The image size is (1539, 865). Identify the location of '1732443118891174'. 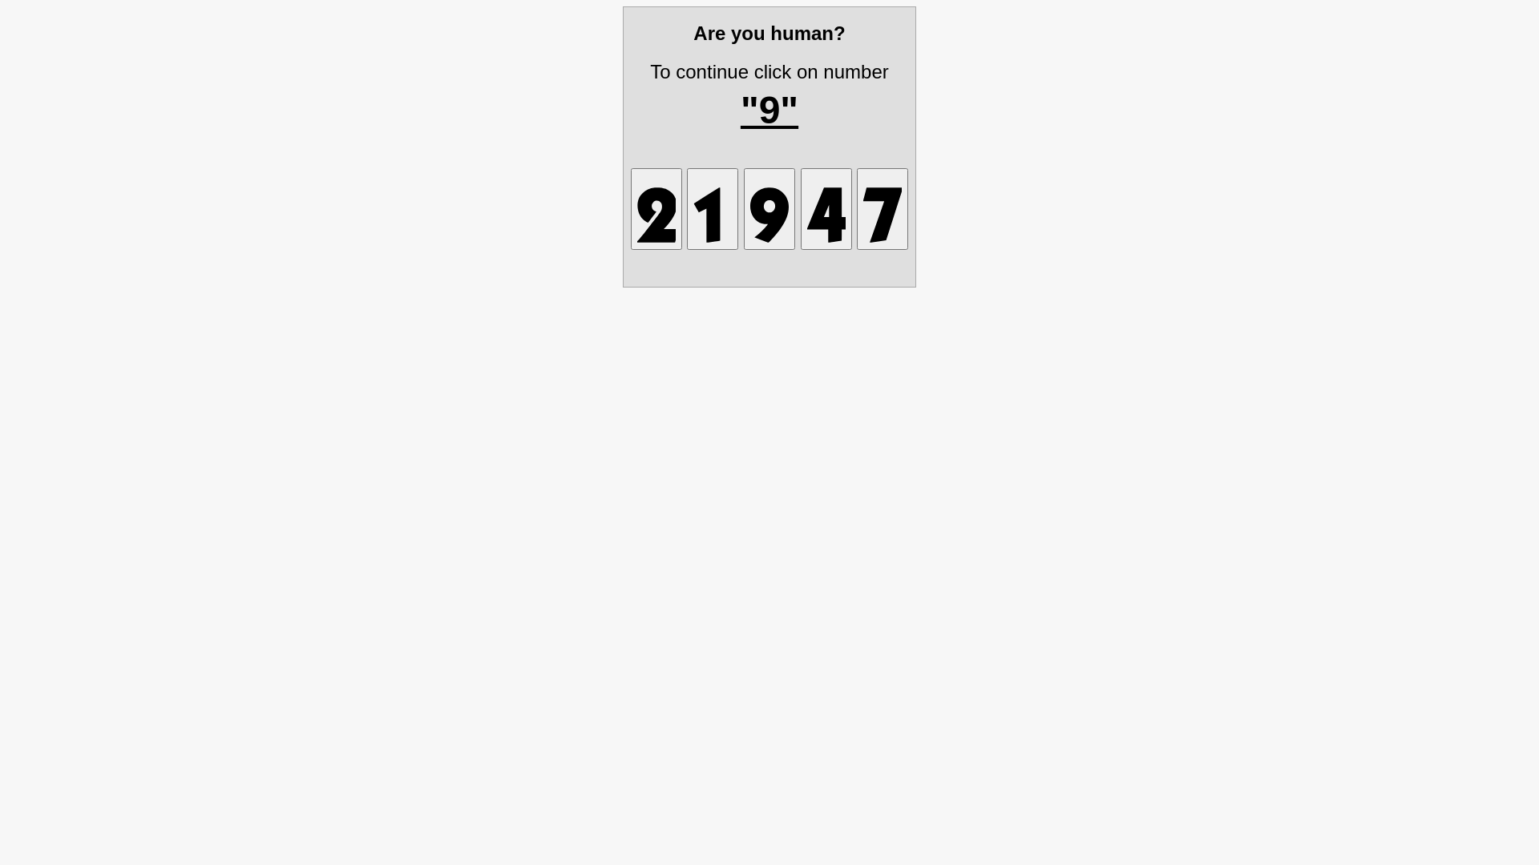
(856, 208).